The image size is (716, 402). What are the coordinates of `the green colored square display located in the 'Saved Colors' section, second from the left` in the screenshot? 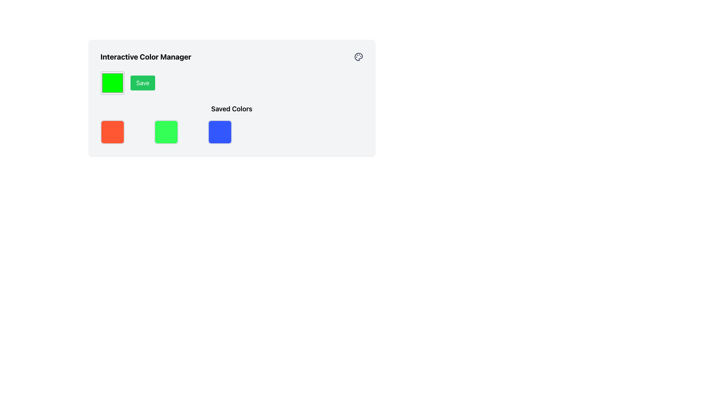 It's located at (166, 131).